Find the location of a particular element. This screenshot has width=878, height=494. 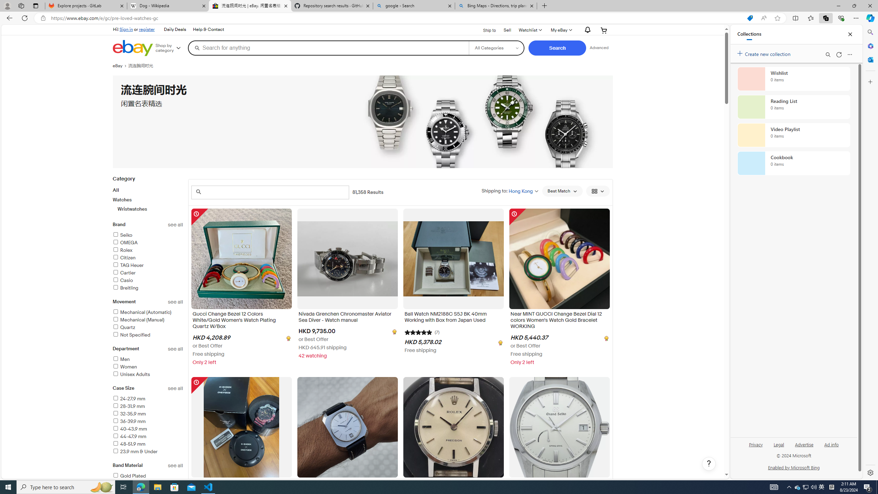

'OMEGA' is located at coordinates (148, 243).